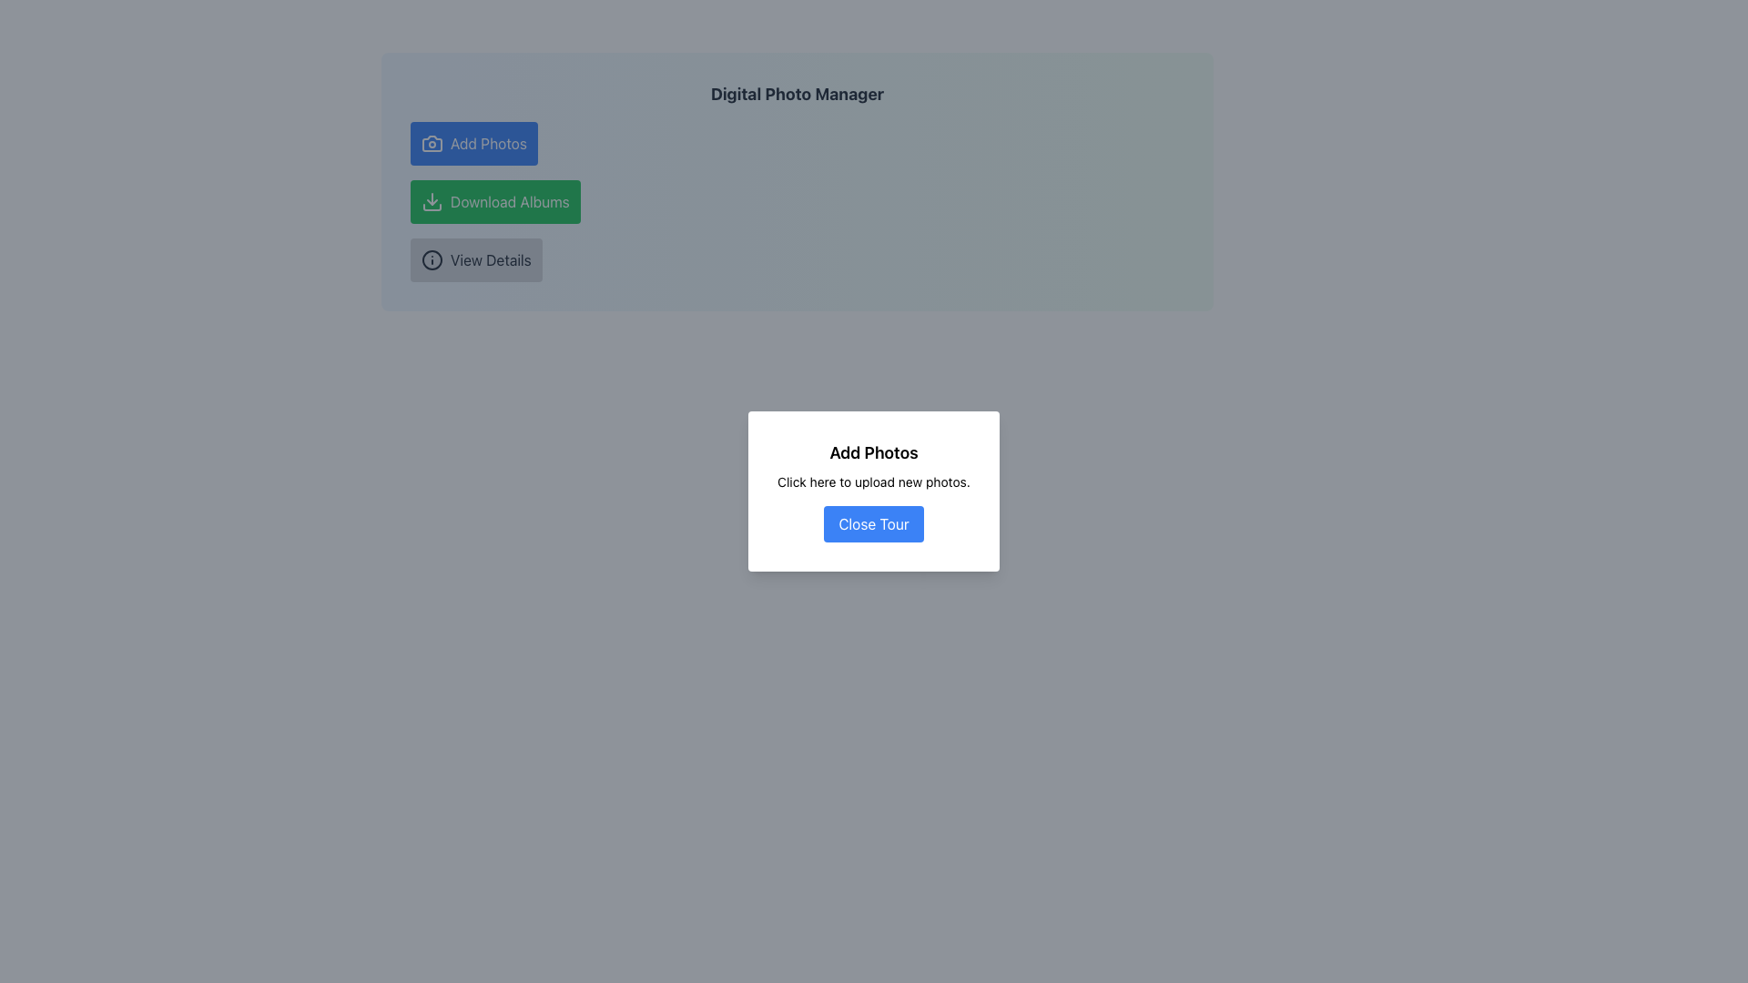 The image size is (1748, 983). I want to click on the text label that provides guidance for uploading new photos, located between the 'Add Photos' header and the 'Close Tour' button, so click(874, 481).